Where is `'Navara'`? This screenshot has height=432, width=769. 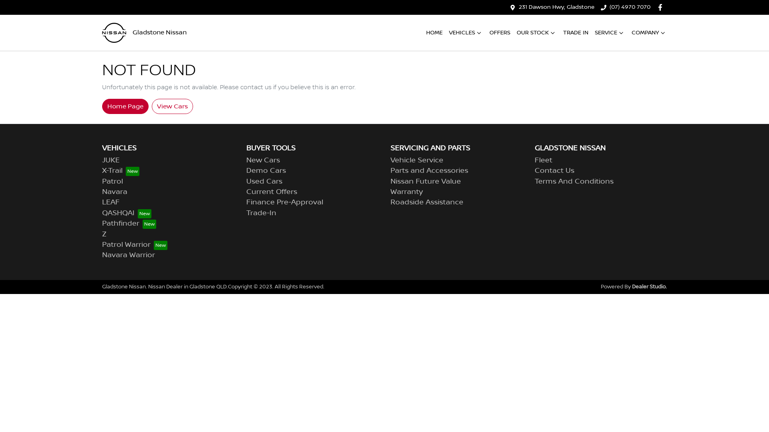 'Navara' is located at coordinates (114, 192).